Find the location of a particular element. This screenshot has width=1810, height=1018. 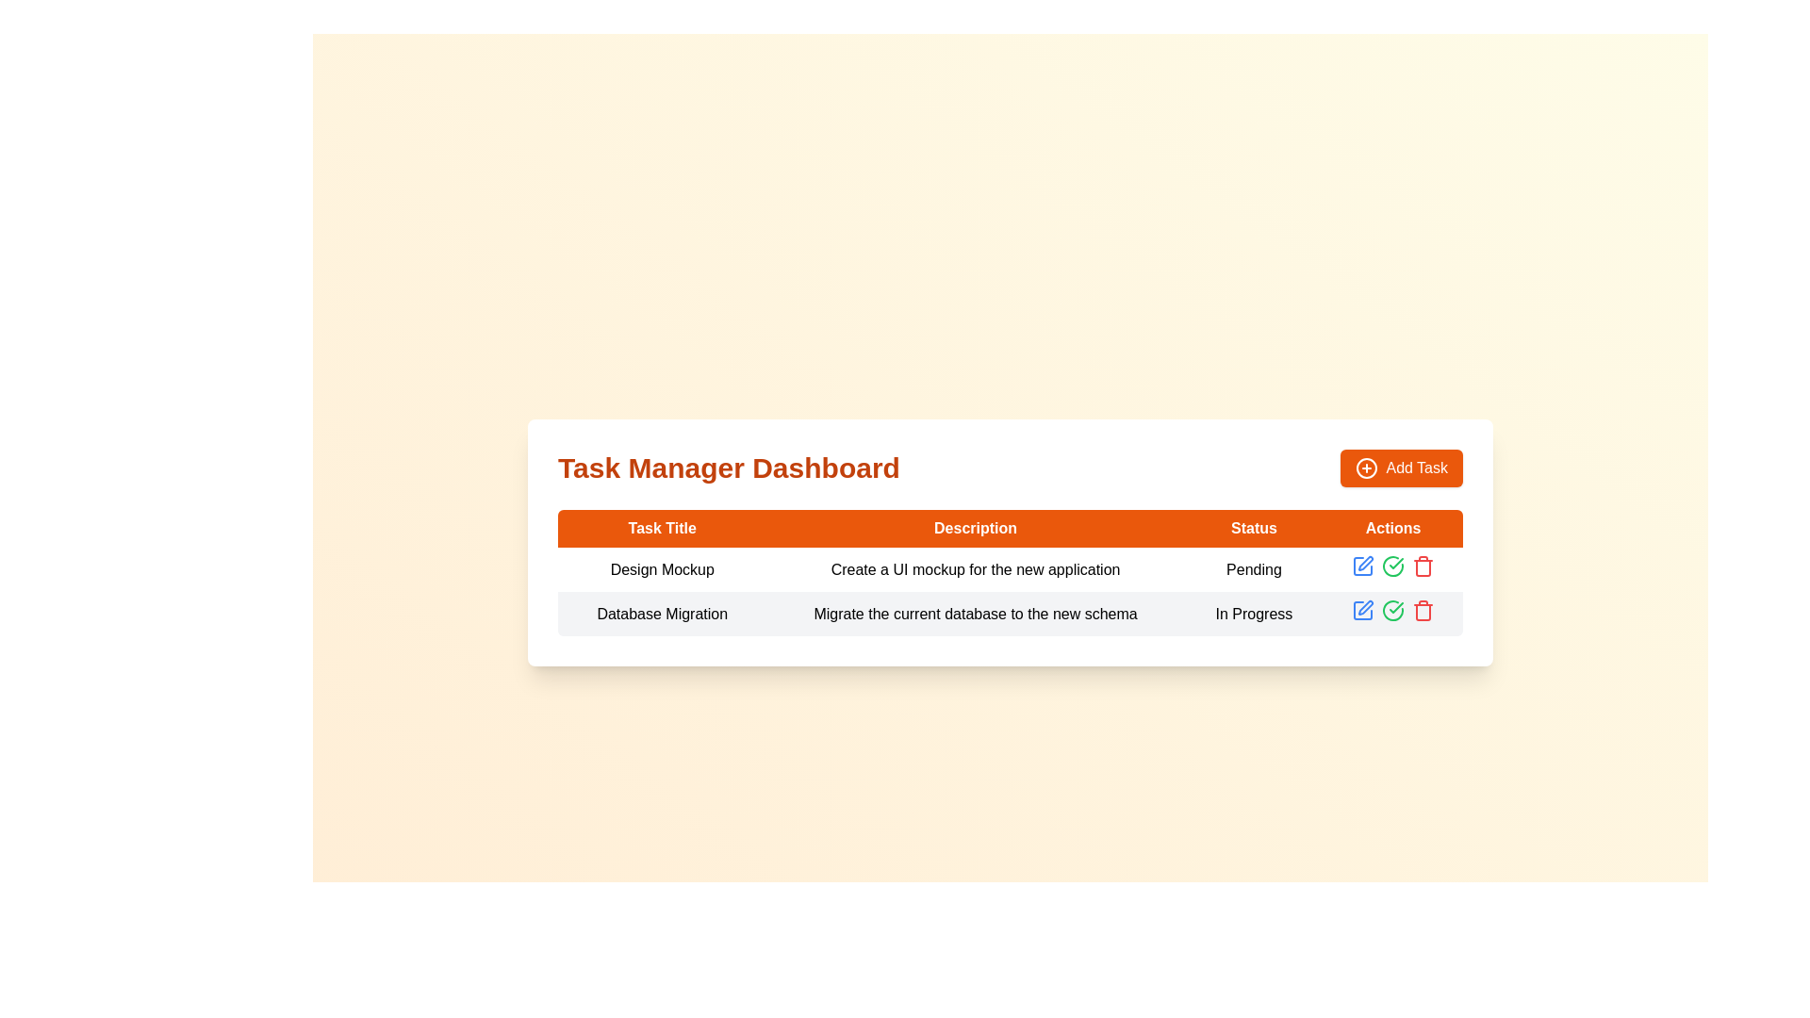

the 'trash' icon in the 'Actions' column of the second row is located at coordinates (1423, 566).